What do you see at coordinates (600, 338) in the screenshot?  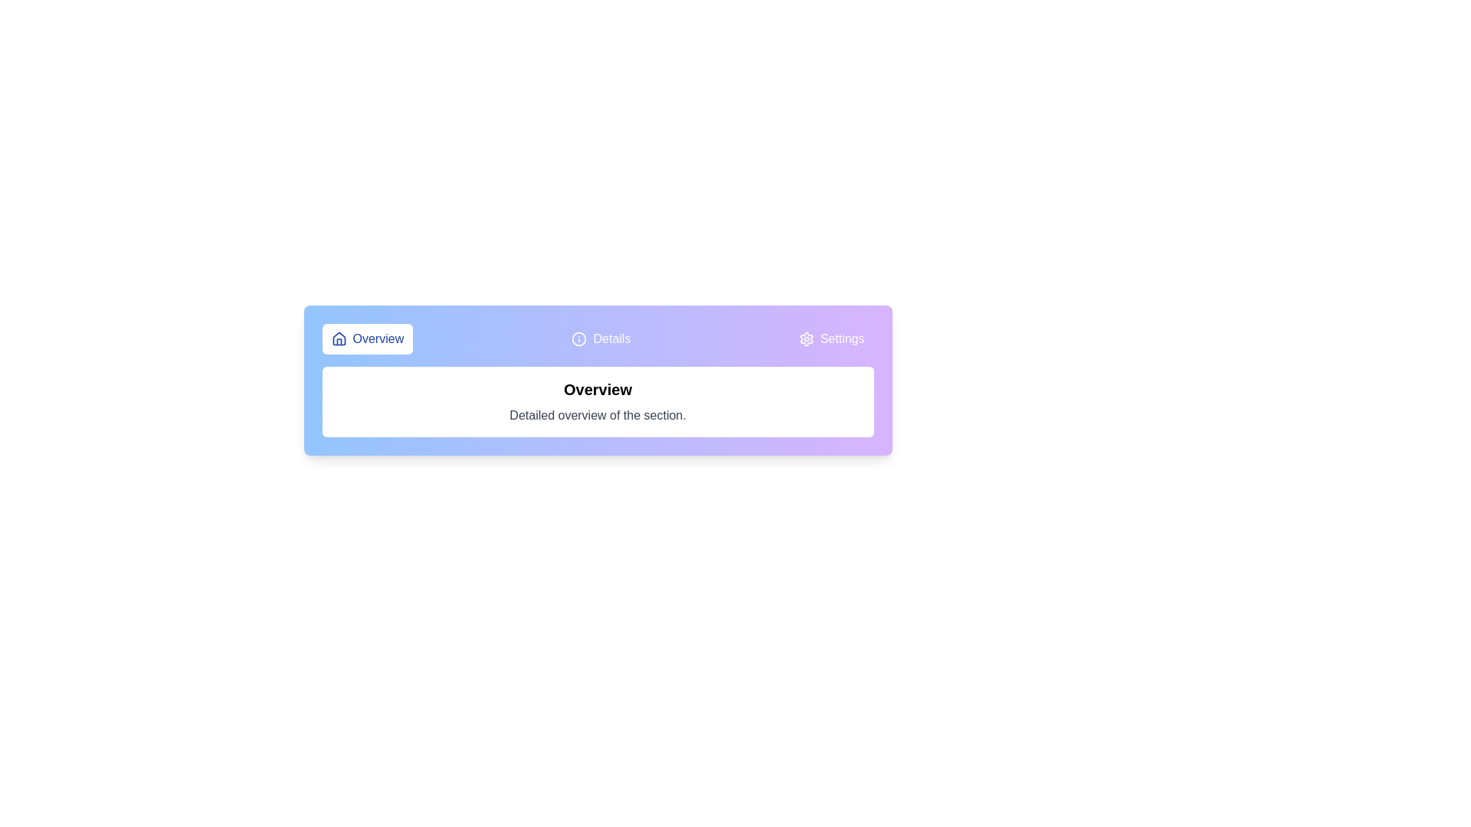 I see `the 'Details' button, which is the second button in a horizontal group of three, located between the 'Overview' and 'Settings' buttons` at bounding box center [600, 338].